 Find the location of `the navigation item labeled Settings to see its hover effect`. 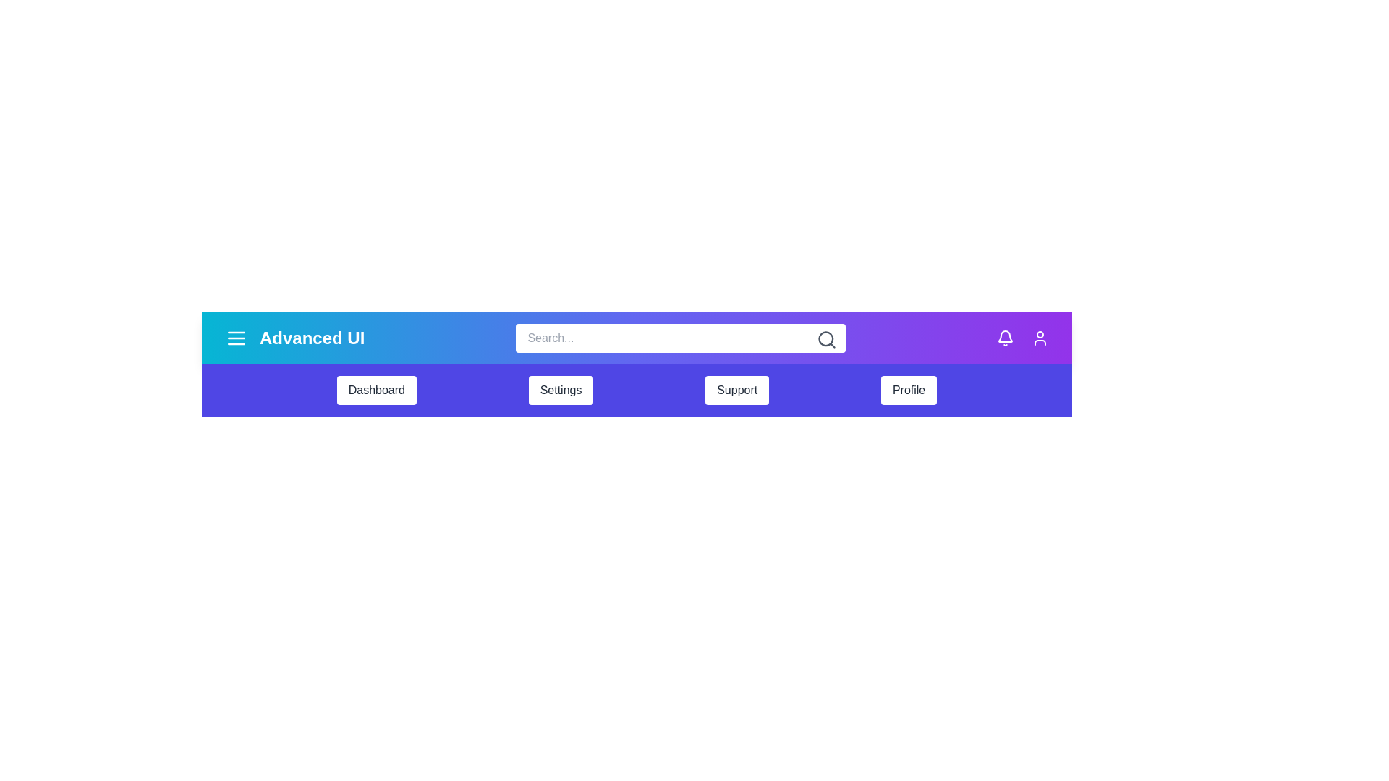

the navigation item labeled Settings to see its hover effect is located at coordinates (560, 390).